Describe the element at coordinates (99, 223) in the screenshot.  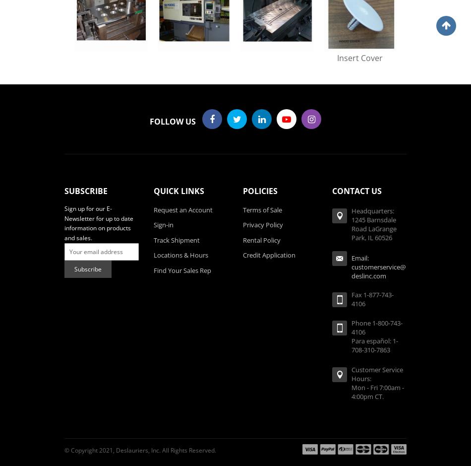
I see `'Sign up for our E-Newsletter for up to date information on products and sales.'` at that location.